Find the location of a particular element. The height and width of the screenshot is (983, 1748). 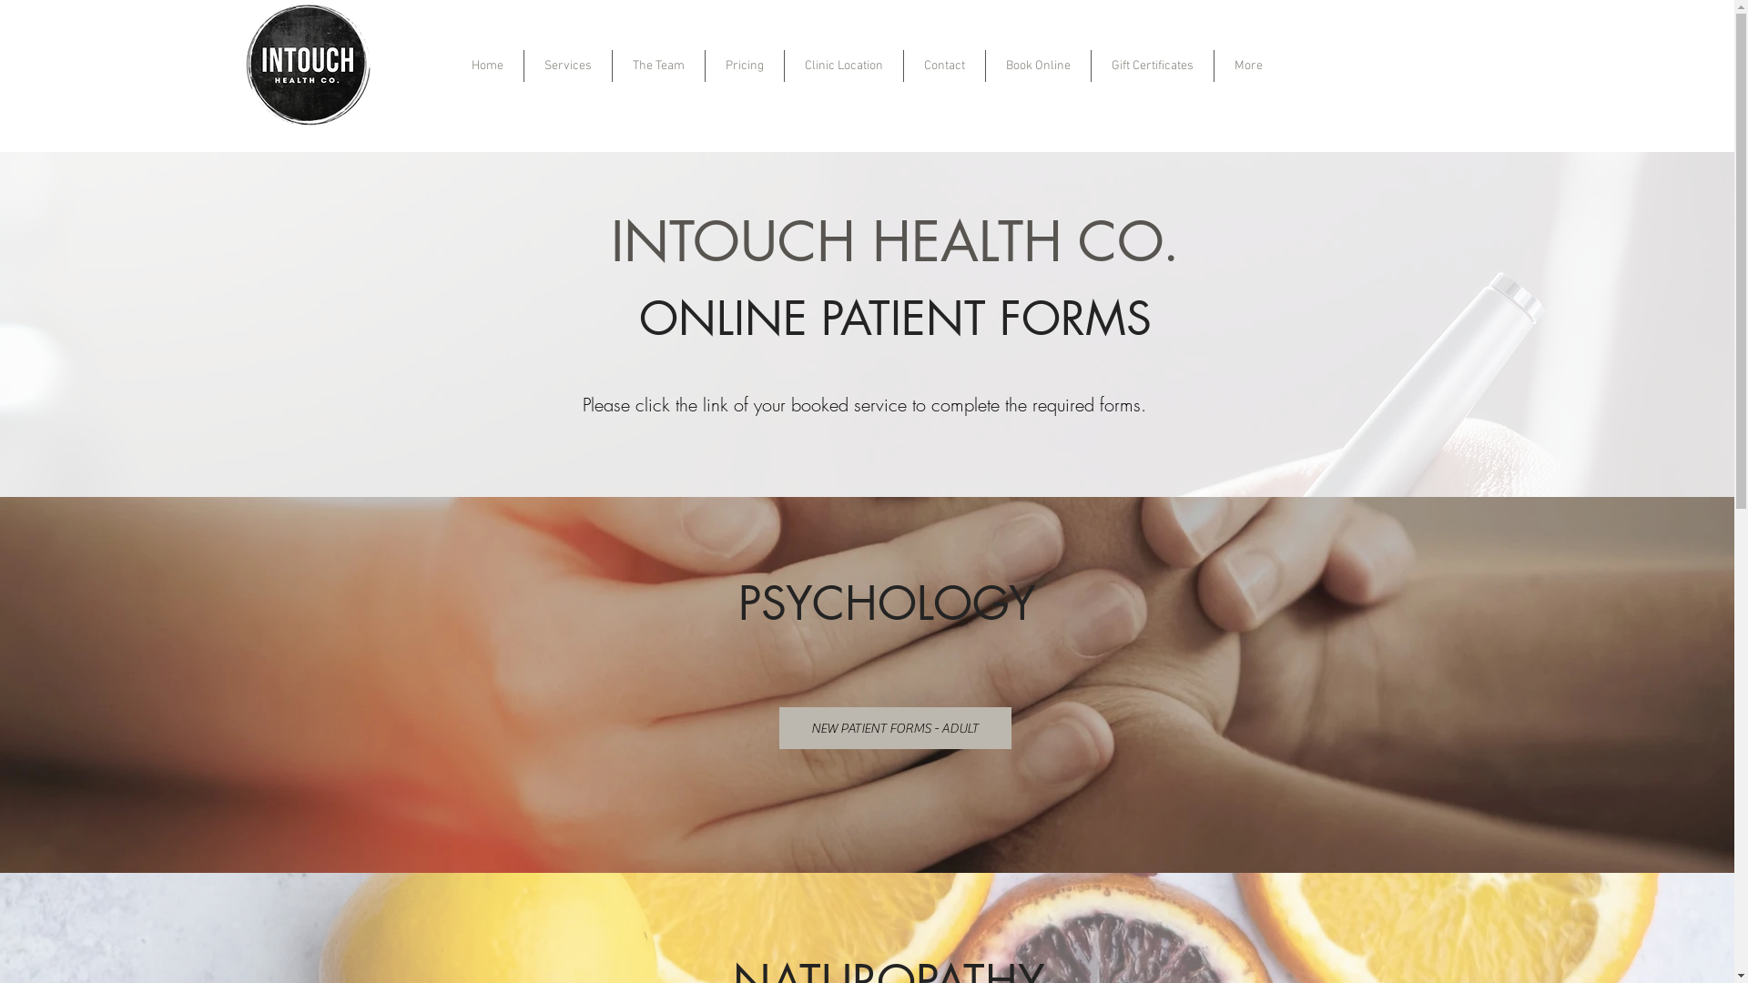

'NEW PATIENT FORMS - ADULT' is located at coordinates (895, 726).